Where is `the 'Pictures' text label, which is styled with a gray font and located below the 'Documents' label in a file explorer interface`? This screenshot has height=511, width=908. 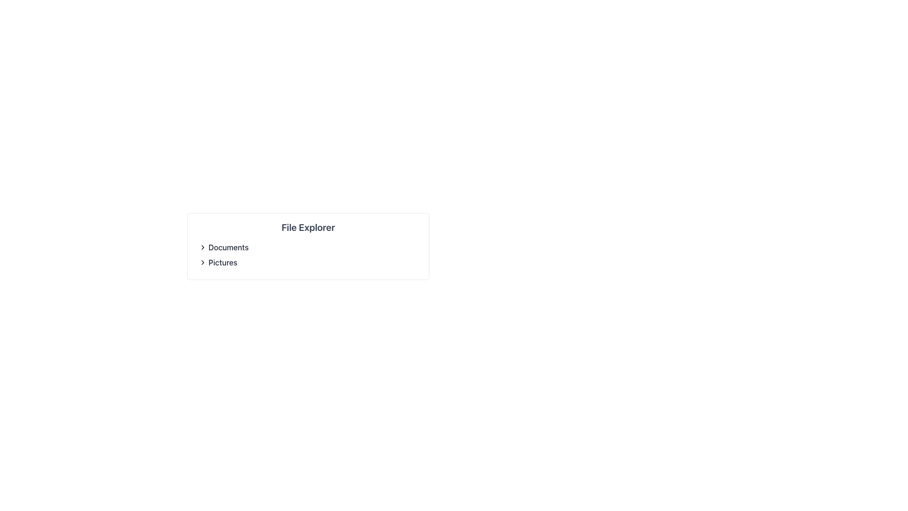
the 'Pictures' text label, which is styled with a gray font and located below the 'Documents' label in a file explorer interface is located at coordinates (218, 263).